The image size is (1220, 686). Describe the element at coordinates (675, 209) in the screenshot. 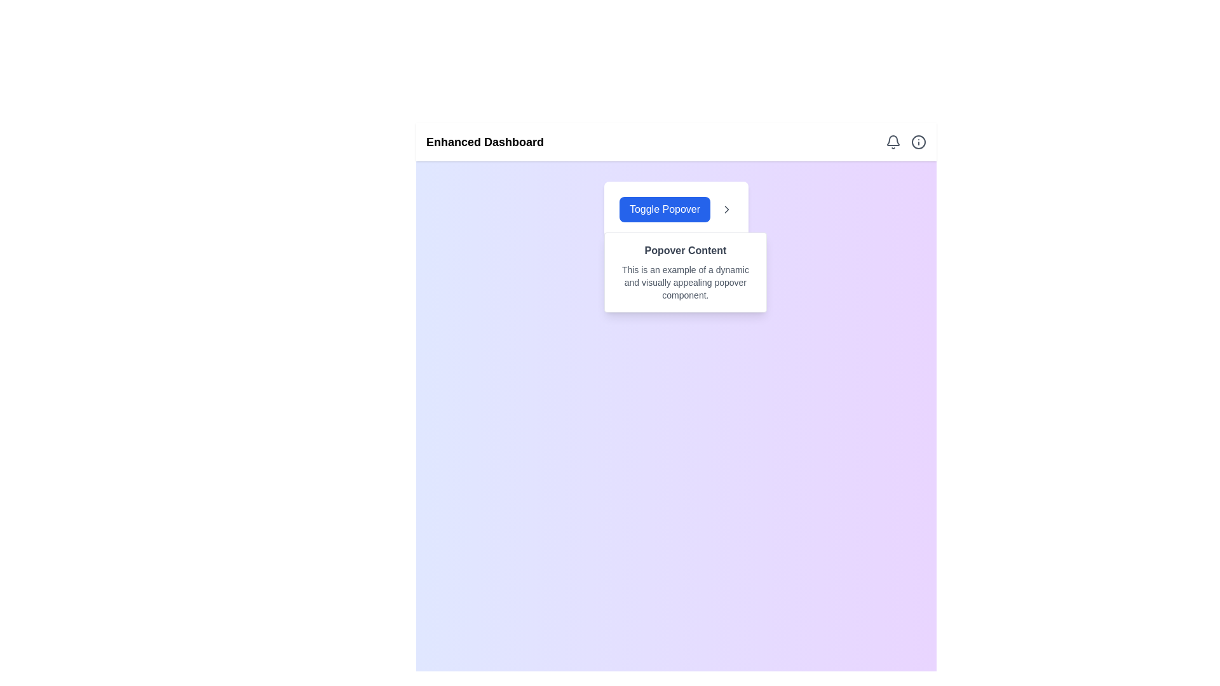

I see `the toggle button for displaying or hiding the popover, located just below the header area with the text 'Enhanced Dashboard'` at that location.